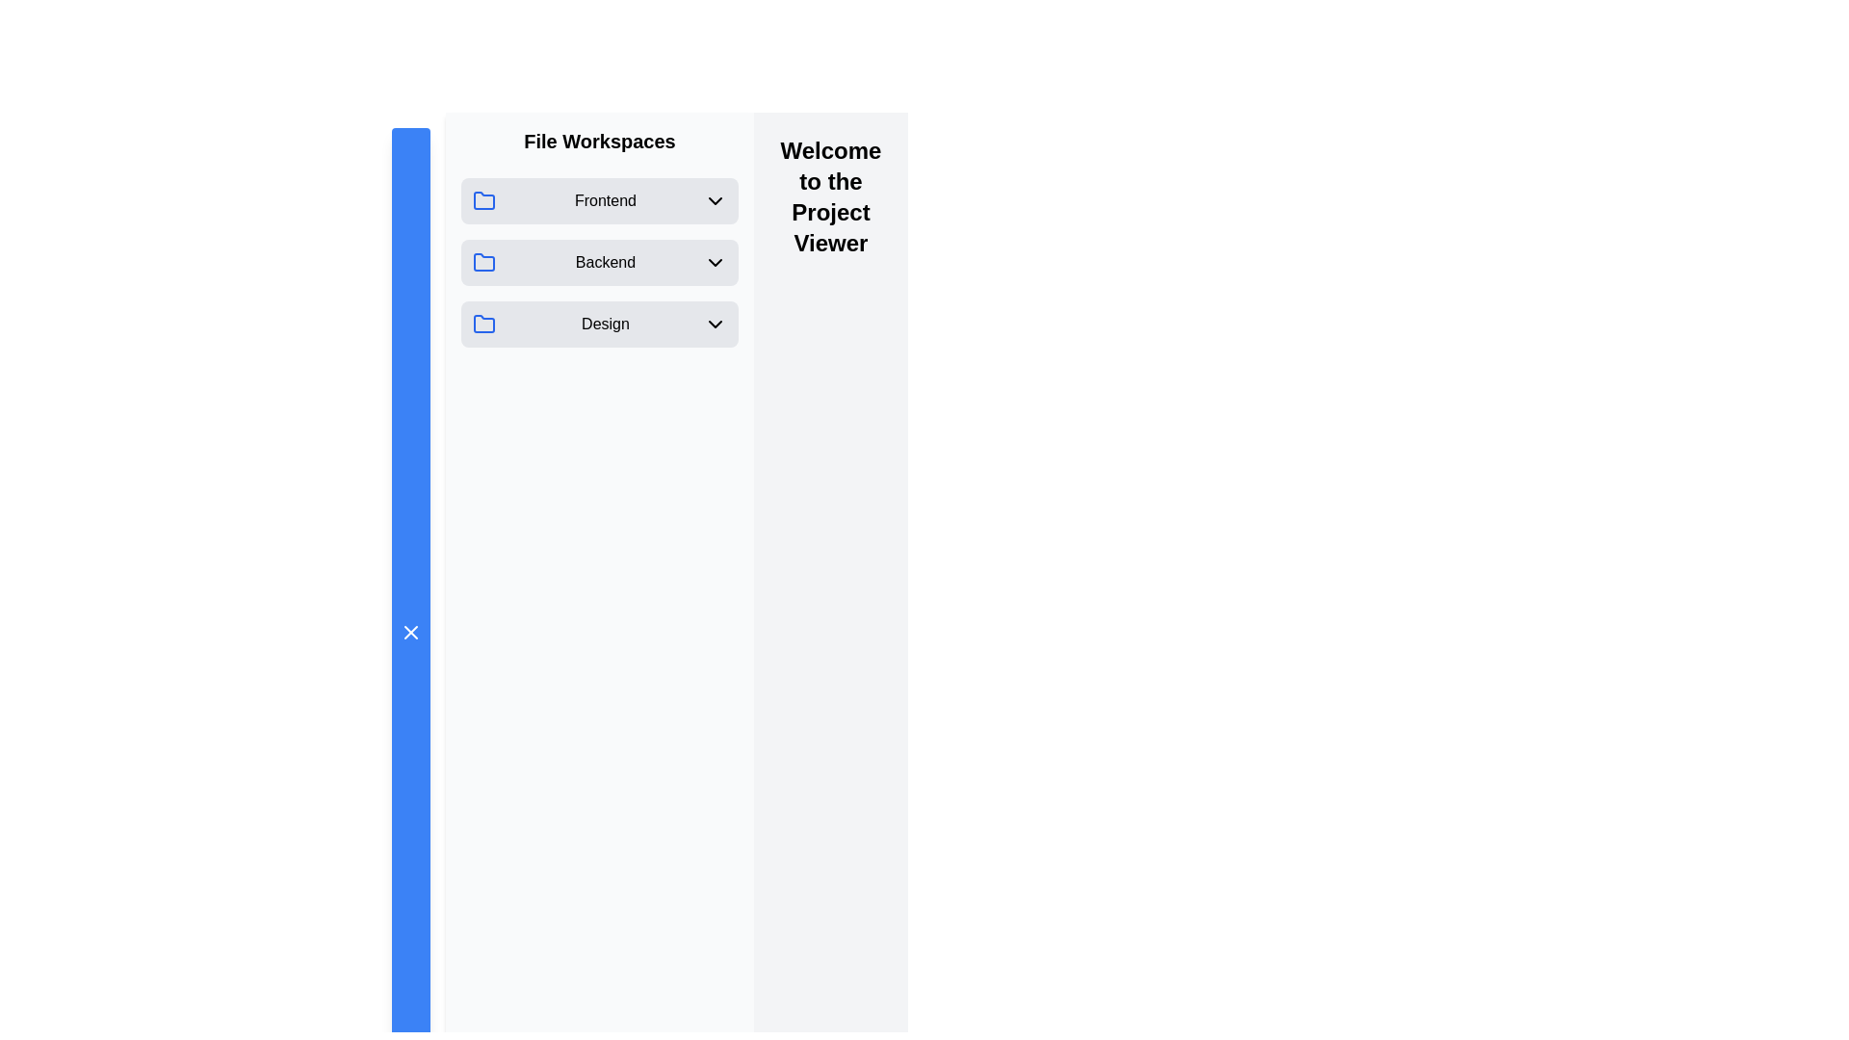  What do you see at coordinates (484, 200) in the screenshot?
I see `the folder icon representing the 'Frontend' workspace located in the left panel under 'File Workspaces', adjacent to the 'Frontend' text label` at bounding box center [484, 200].